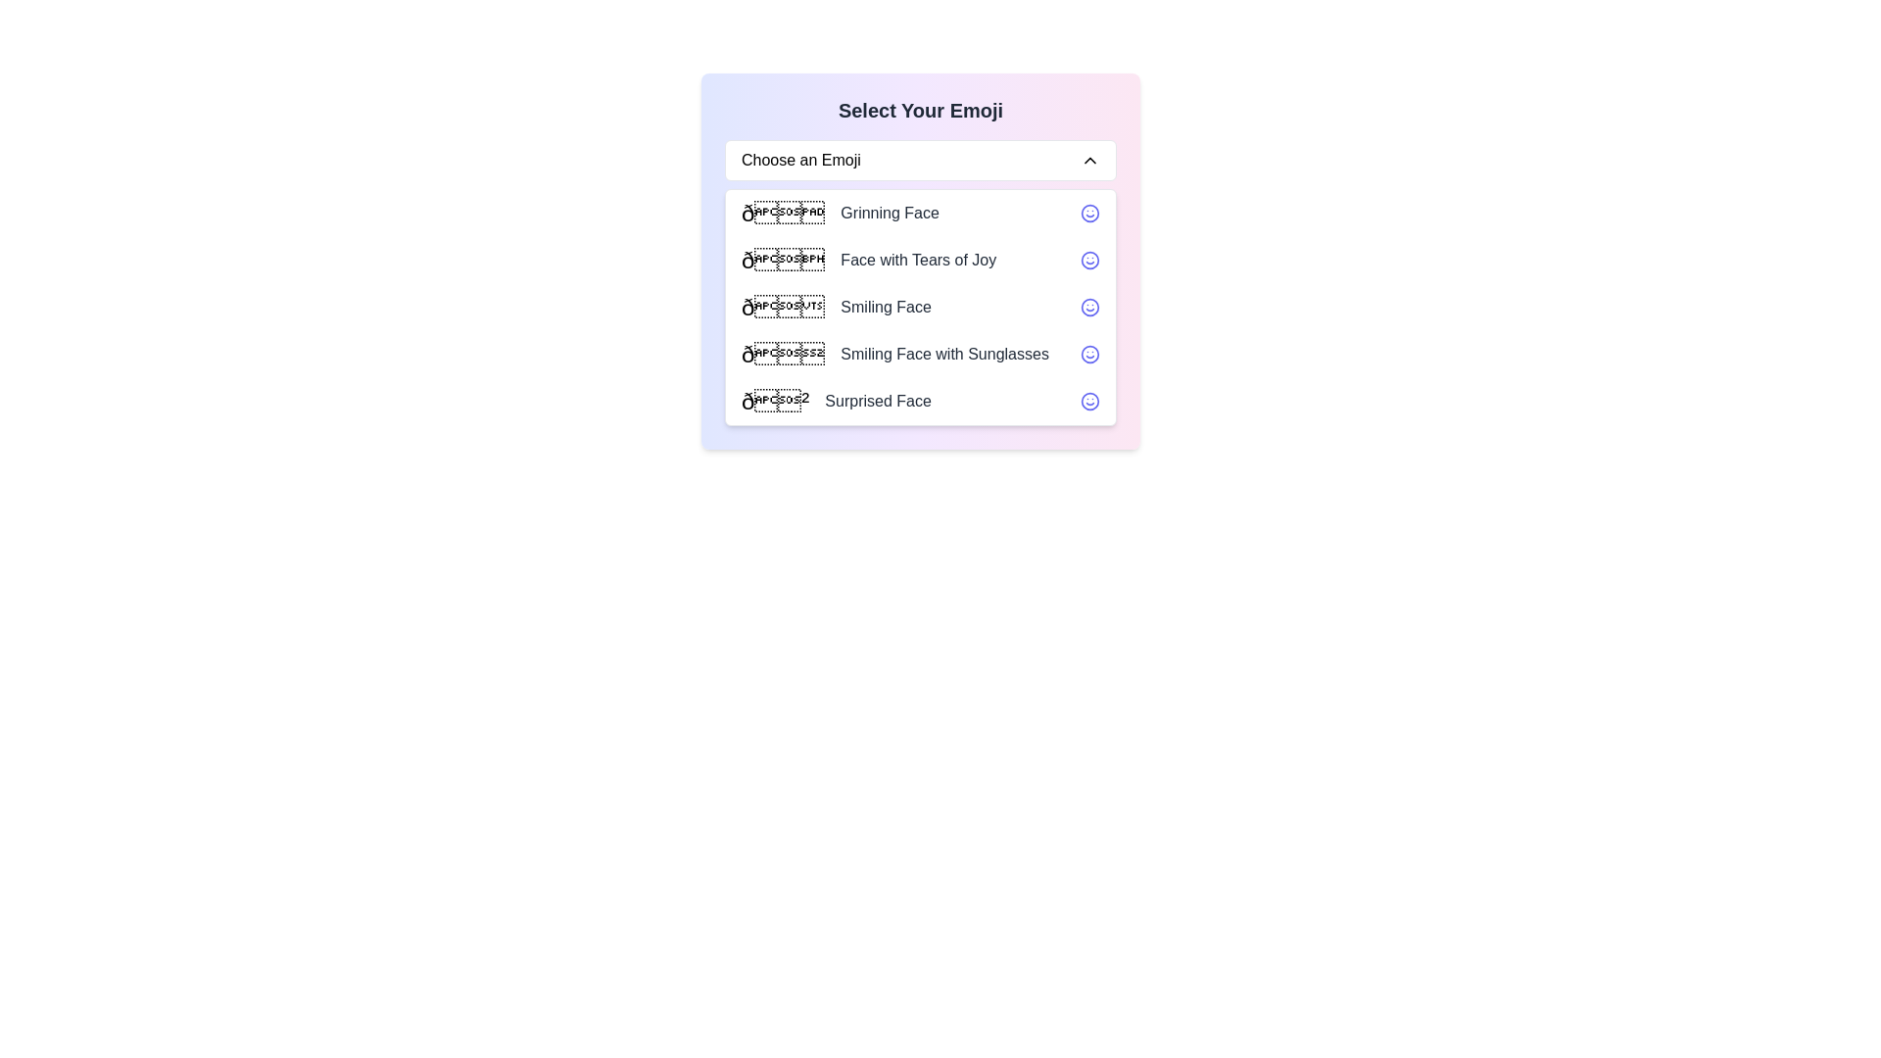  What do you see at coordinates (1089, 355) in the screenshot?
I see `the circular SVG element that represents part of a smiling face with sunglasses icon in the fourth row of the emoji dropdown menu` at bounding box center [1089, 355].